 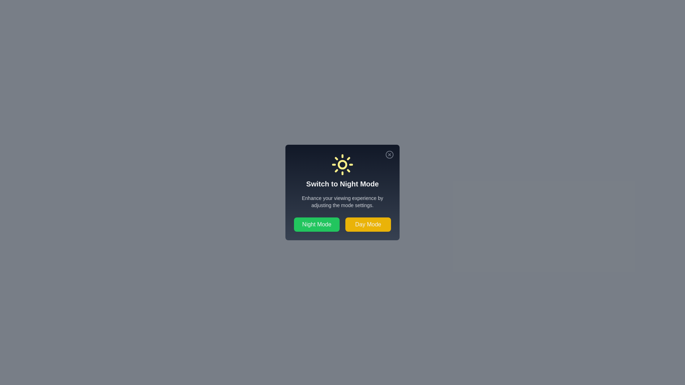 I want to click on the close button to close the dialog, so click(x=389, y=154).